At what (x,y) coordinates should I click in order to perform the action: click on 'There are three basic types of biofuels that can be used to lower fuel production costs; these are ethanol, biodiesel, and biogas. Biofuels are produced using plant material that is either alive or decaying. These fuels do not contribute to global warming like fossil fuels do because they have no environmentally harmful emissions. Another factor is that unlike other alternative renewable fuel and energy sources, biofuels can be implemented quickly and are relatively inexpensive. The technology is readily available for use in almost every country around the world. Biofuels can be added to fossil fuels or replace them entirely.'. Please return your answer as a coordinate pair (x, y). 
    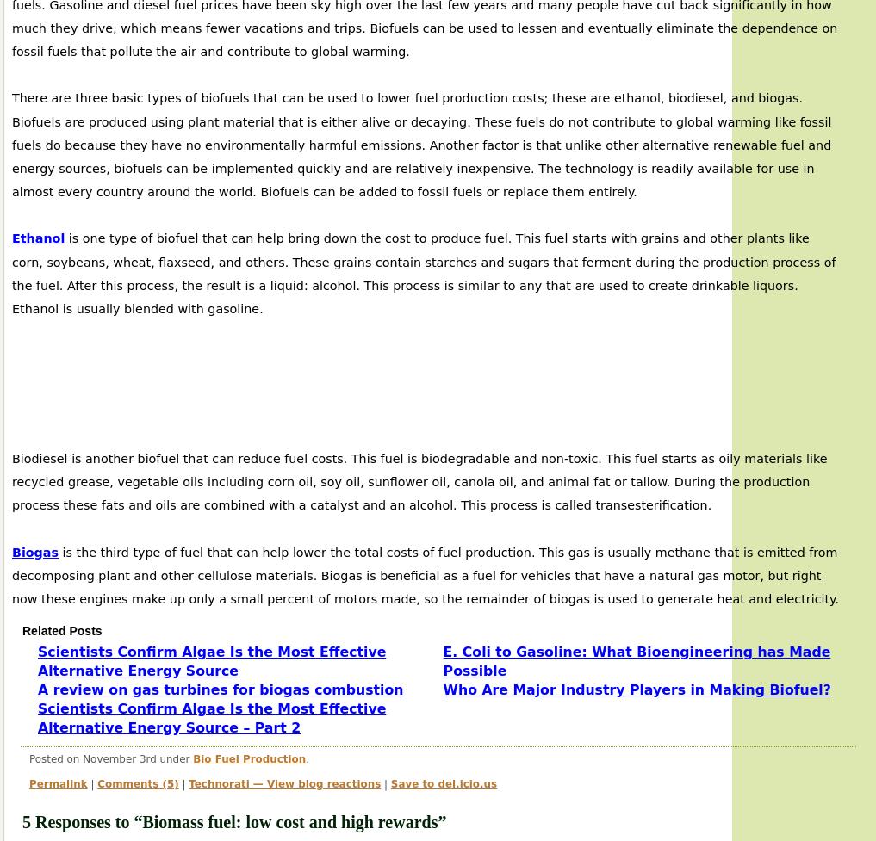
    Looking at the image, I should click on (420, 144).